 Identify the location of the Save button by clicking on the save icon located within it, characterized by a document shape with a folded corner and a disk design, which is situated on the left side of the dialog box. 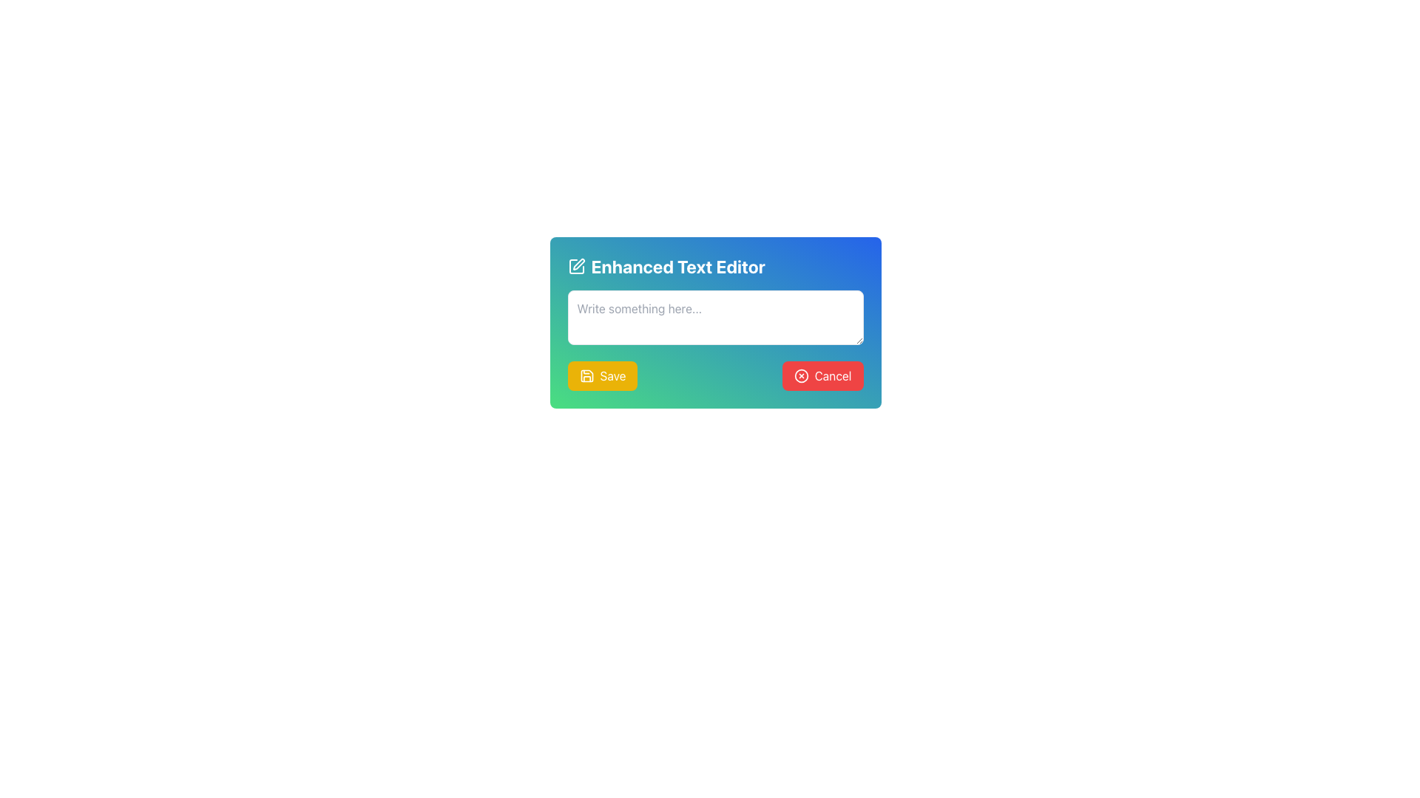
(586, 375).